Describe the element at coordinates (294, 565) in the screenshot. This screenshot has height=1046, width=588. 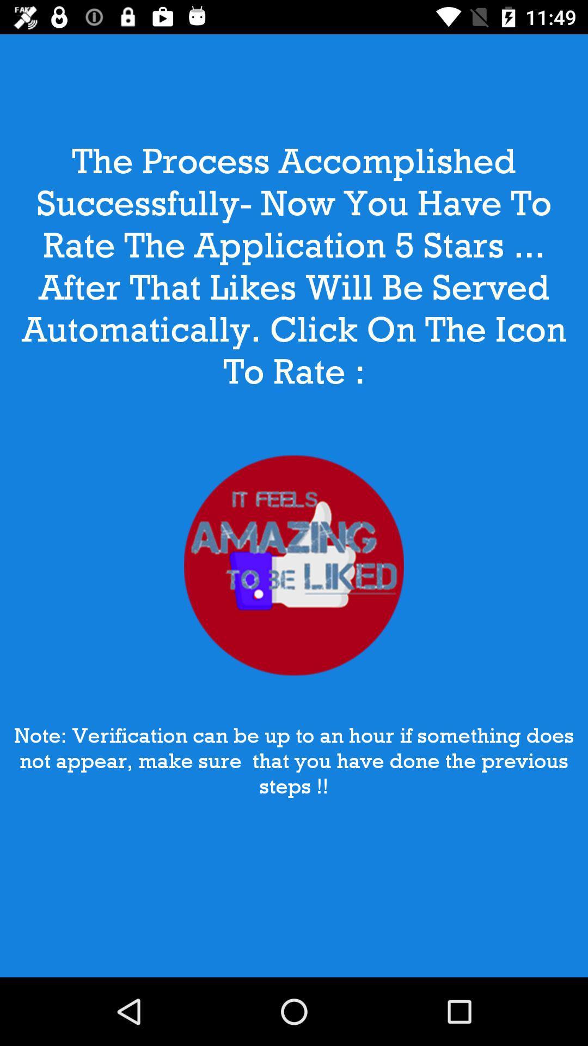
I see `the icon above note verification can` at that location.